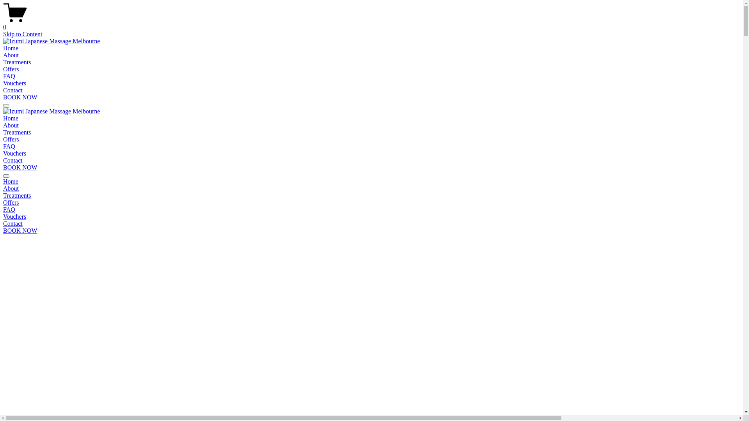 The image size is (749, 421). What do you see at coordinates (371, 209) in the screenshot?
I see `'FAQ'` at bounding box center [371, 209].